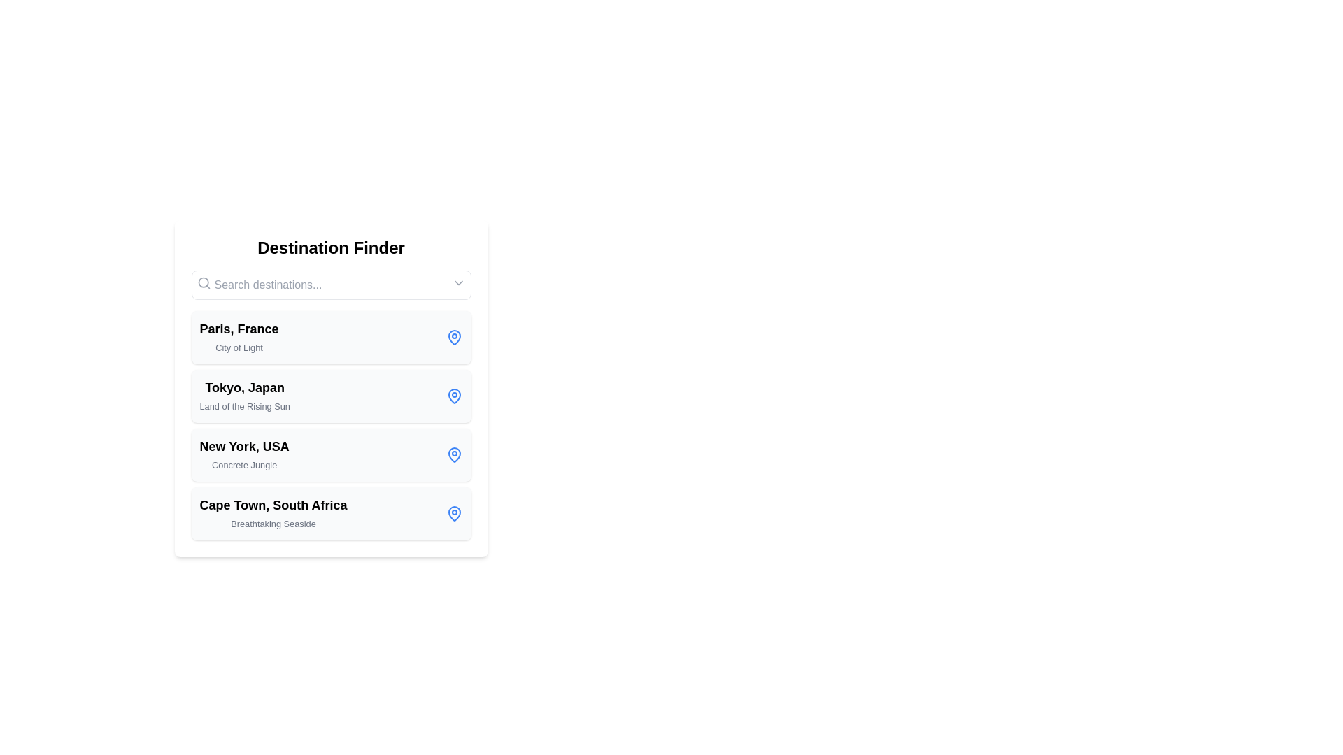 This screenshot has width=1343, height=755. Describe the element at coordinates (239, 329) in the screenshot. I see `the text label displaying 'Paris, France', which is styled prominently and located at the top of the list of destinations in the 'Destination Finder' section` at that location.